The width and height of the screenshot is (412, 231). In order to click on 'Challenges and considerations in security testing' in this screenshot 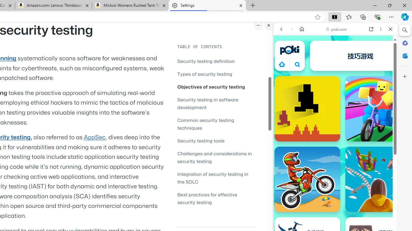, I will do `click(214, 157)`.